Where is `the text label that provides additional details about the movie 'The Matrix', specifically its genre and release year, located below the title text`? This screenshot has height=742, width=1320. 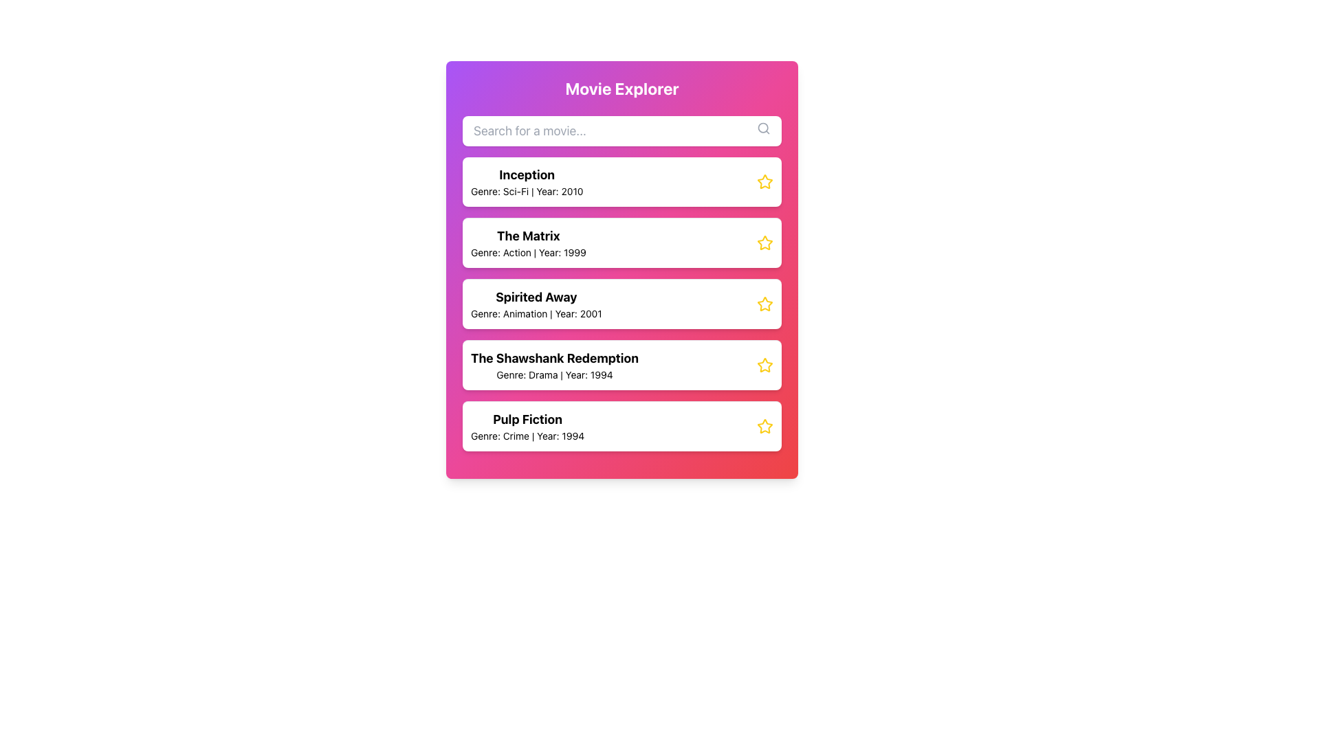
the text label that provides additional details about the movie 'The Matrix', specifically its genre and release year, located below the title text is located at coordinates (527, 252).